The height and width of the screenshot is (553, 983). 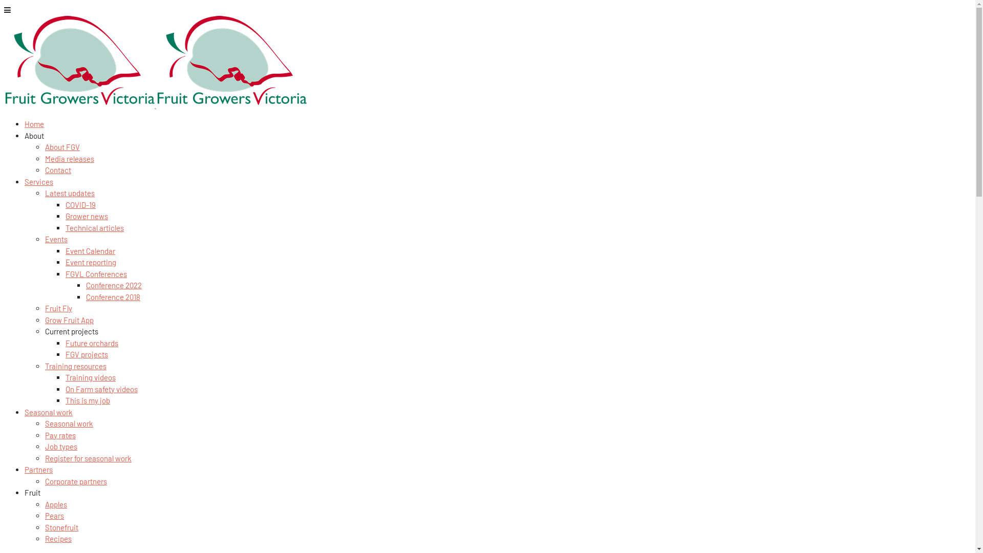 What do you see at coordinates (87, 353) in the screenshot?
I see `'FGV projects'` at bounding box center [87, 353].